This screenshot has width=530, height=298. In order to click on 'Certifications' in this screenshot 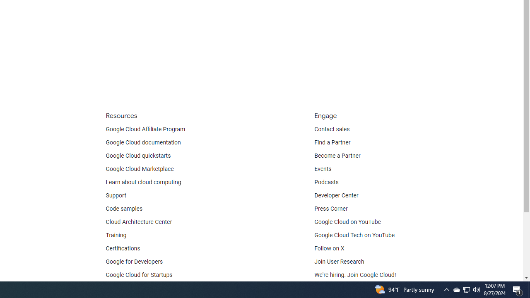, I will do `click(122, 248)`.